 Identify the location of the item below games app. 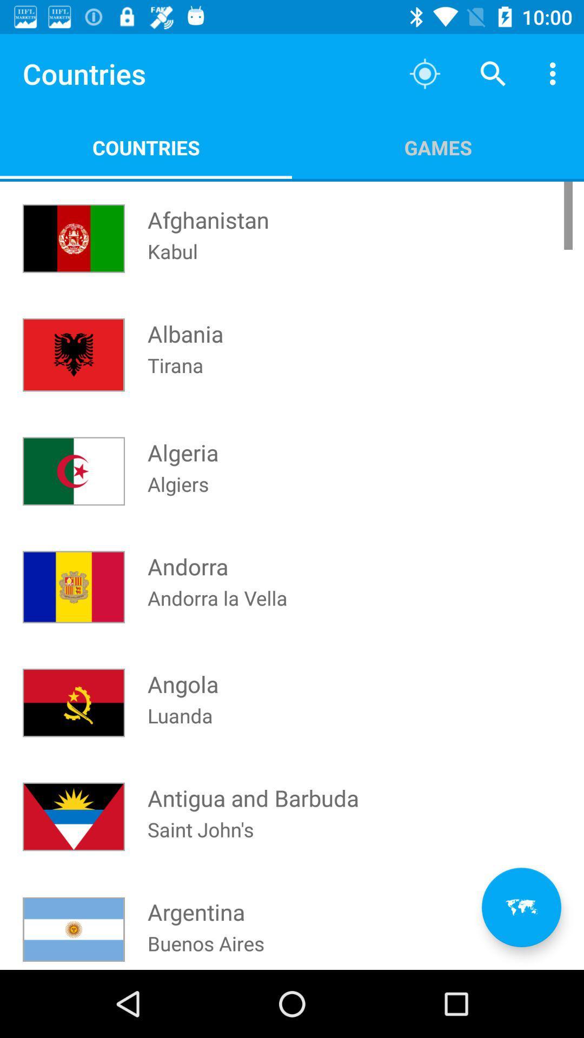
(521, 907).